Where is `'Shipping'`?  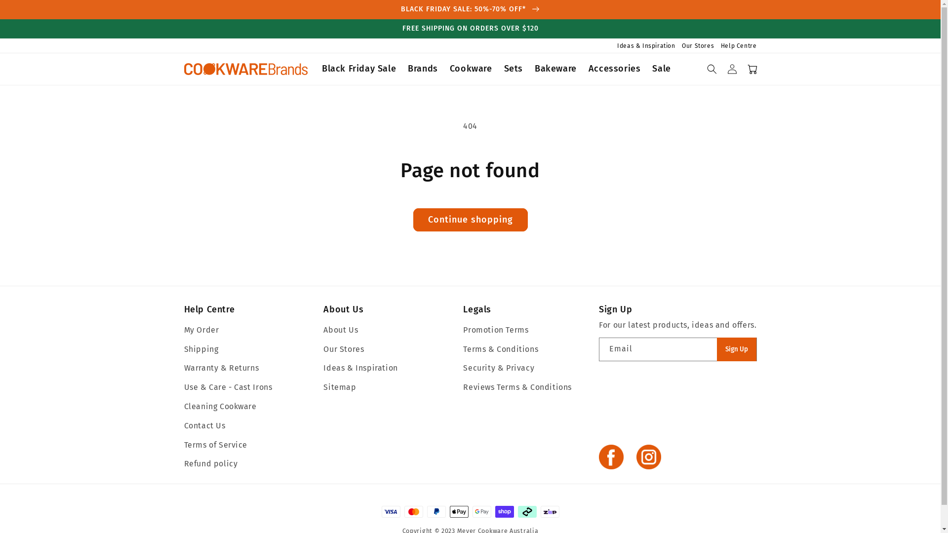 'Shipping' is located at coordinates (200, 349).